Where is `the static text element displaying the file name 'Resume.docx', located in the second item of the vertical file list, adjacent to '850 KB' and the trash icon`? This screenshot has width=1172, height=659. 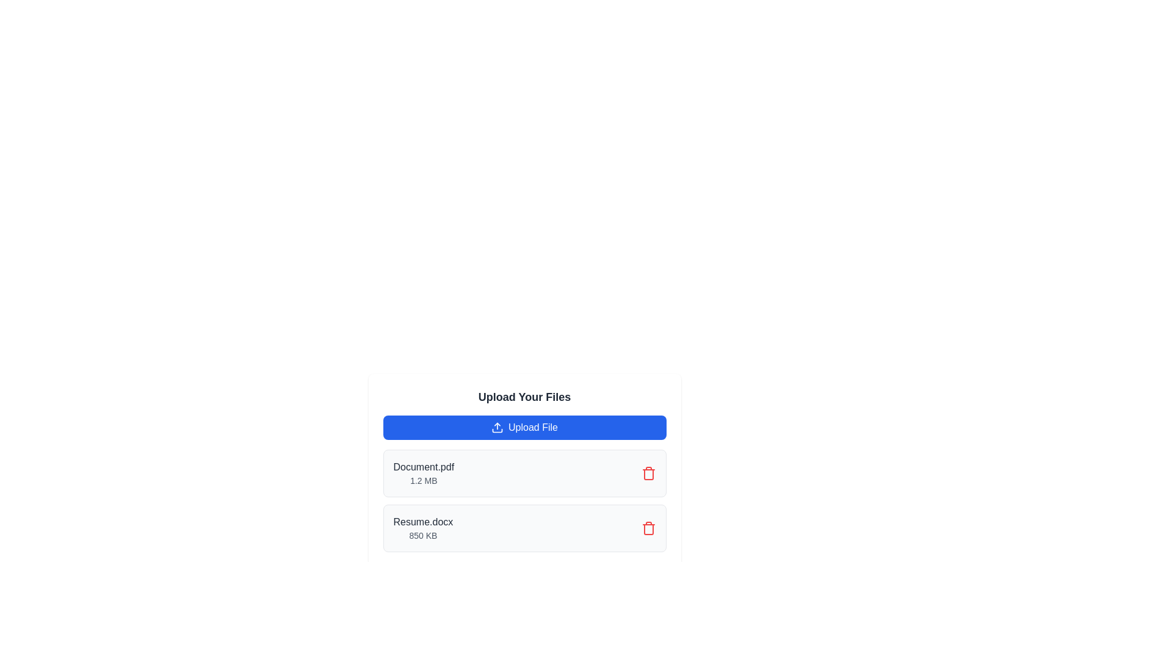
the static text element displaying the file name 'Resume.docx', located in the second item of the vertical file list, adjacent to '850 KB' and the trash icon is located at coordinates (423, 522).